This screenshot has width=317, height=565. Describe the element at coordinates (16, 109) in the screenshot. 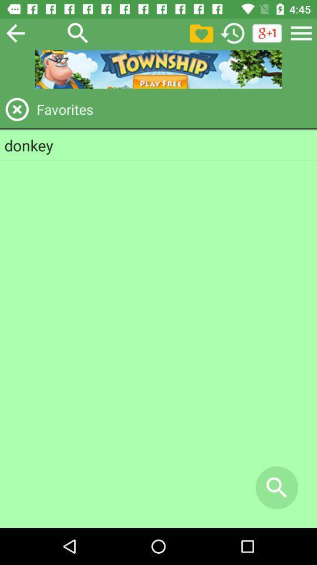

I see `the close icon` at that location.